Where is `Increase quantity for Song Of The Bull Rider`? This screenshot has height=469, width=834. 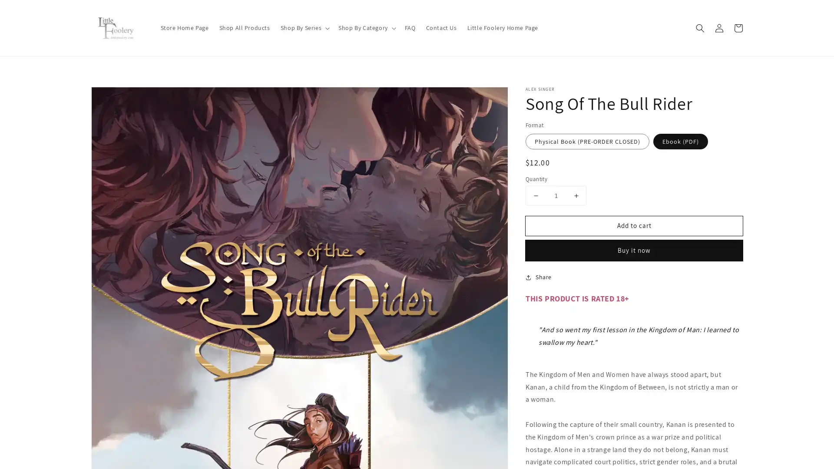
Increase quantity for Song Of The Bull Rider is located at coordinates (576, 195).